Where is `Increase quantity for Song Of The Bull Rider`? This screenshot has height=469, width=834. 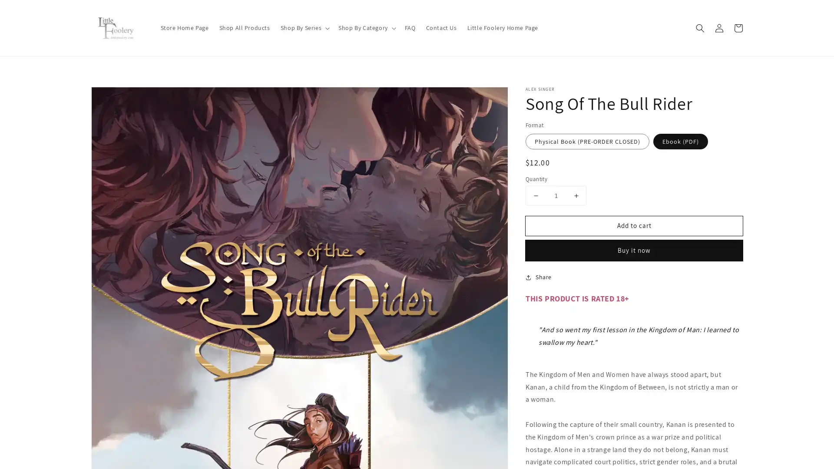
Increase quantity for Song Of The Bull Rider is located at coordinates (576, 195).